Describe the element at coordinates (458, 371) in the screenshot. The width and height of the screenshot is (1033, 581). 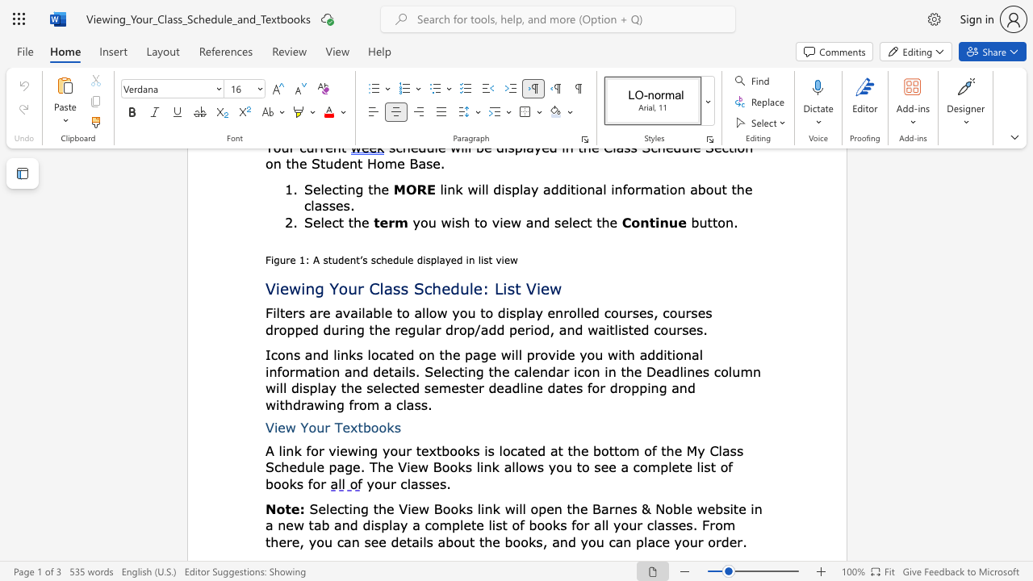
I see `the subset text "ting the calendar icon in the Deadlines column will display the selected semester d" within the text "information and details. Selecting the calendar icon in the Deadlines column will display the selected semester deadline dates for dropping and withdrawing from a class."` at that location.